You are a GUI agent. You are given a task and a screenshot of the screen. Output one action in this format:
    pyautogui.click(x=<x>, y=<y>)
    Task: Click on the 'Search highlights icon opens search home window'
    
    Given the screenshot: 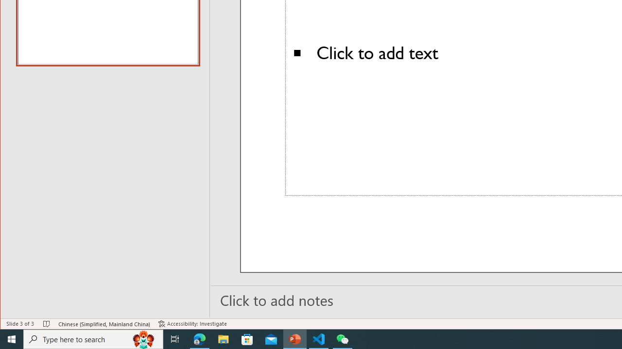 What is the action you would take?
    pyautogui.click(x=143, y=338)
    